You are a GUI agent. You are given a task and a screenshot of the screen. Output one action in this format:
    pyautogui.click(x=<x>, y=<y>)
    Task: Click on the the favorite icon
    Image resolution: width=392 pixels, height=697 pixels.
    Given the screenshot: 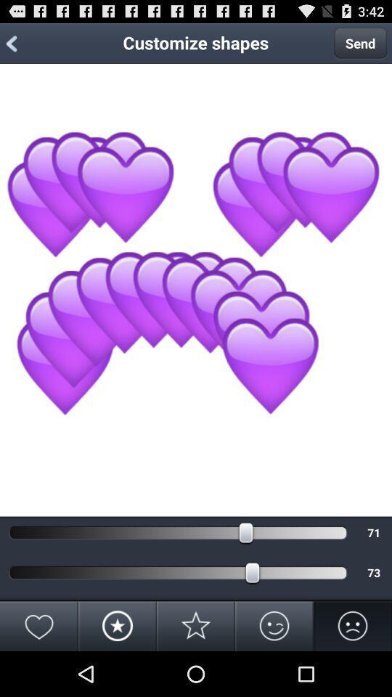 What is the action you would take?
    pyautogui.click(x=39, y=669)
    